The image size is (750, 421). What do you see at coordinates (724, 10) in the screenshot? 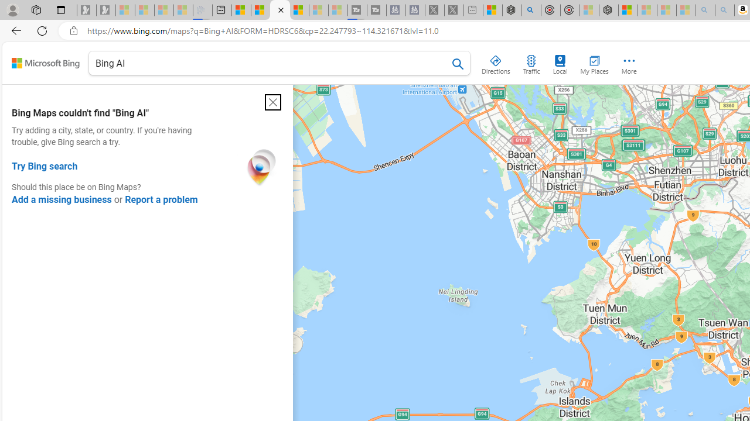
I see `'Amazon Echo Dot PNG - Search Images - Sleeping'` at bounding box center [724, 10].